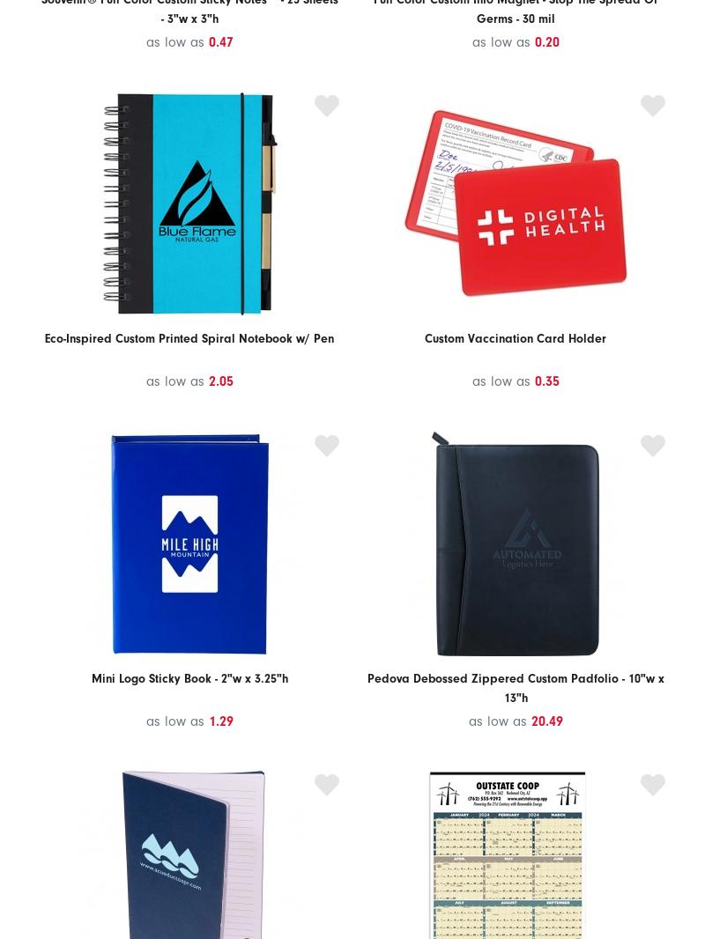 The image size is (705, 939). I want to click on '20.49', so click(546, 721).